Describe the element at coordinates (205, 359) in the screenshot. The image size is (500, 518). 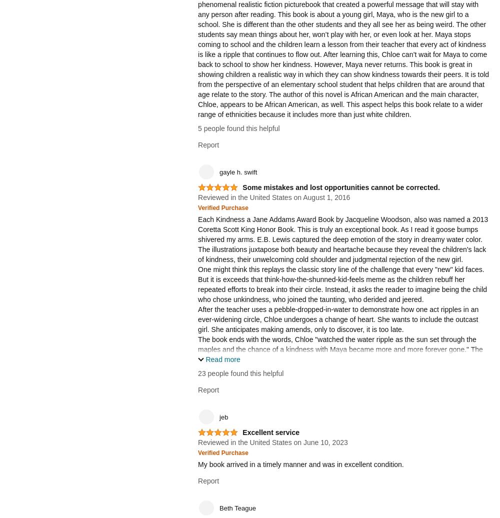
I see `'Read more'` at that location.